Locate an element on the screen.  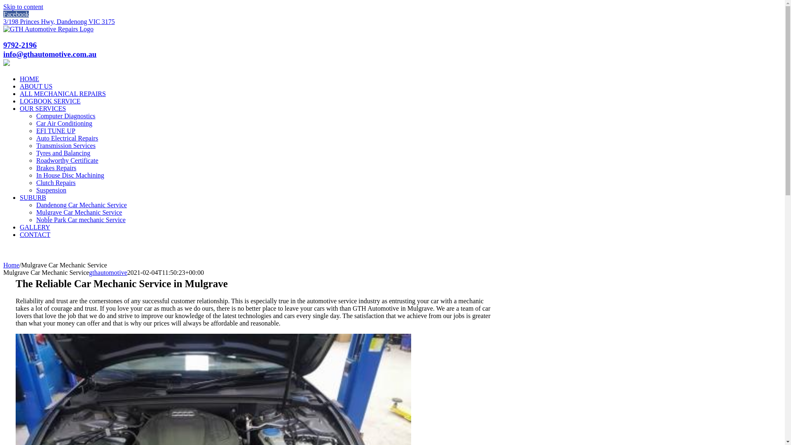
'Suspension' is located at coordinates (51, 190).